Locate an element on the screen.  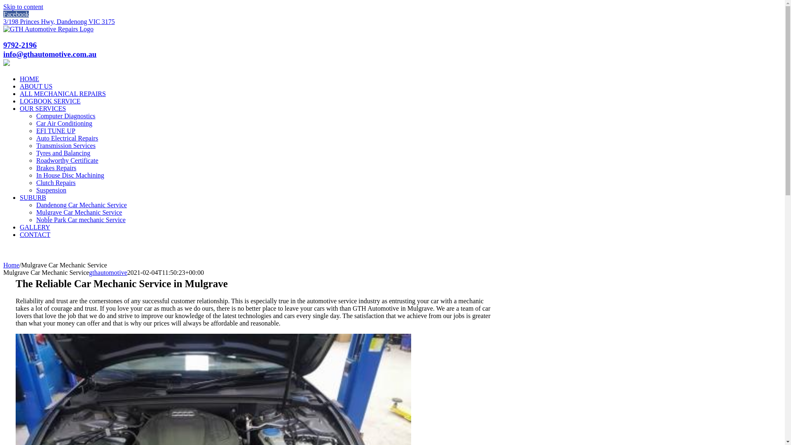
'Suspension' is located at coordinates (51, 190).